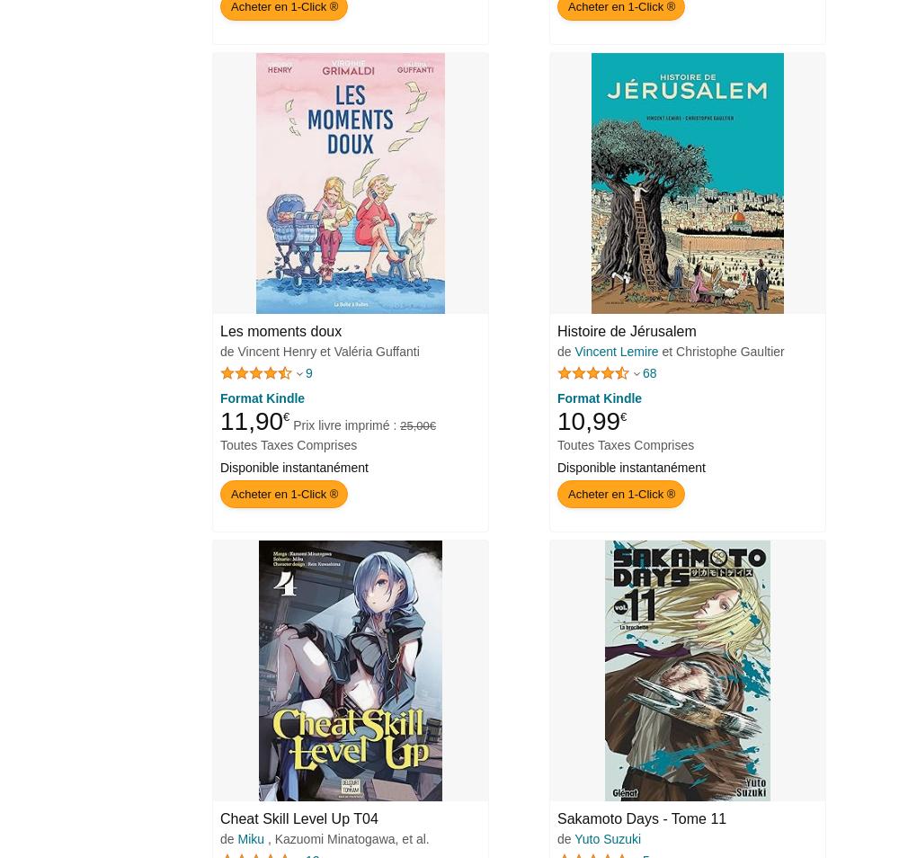  What do you see at coordinates (346, 425) in the screenshot?
I see `'Prix livre imprimé :'` at bounding box center [346, 425].